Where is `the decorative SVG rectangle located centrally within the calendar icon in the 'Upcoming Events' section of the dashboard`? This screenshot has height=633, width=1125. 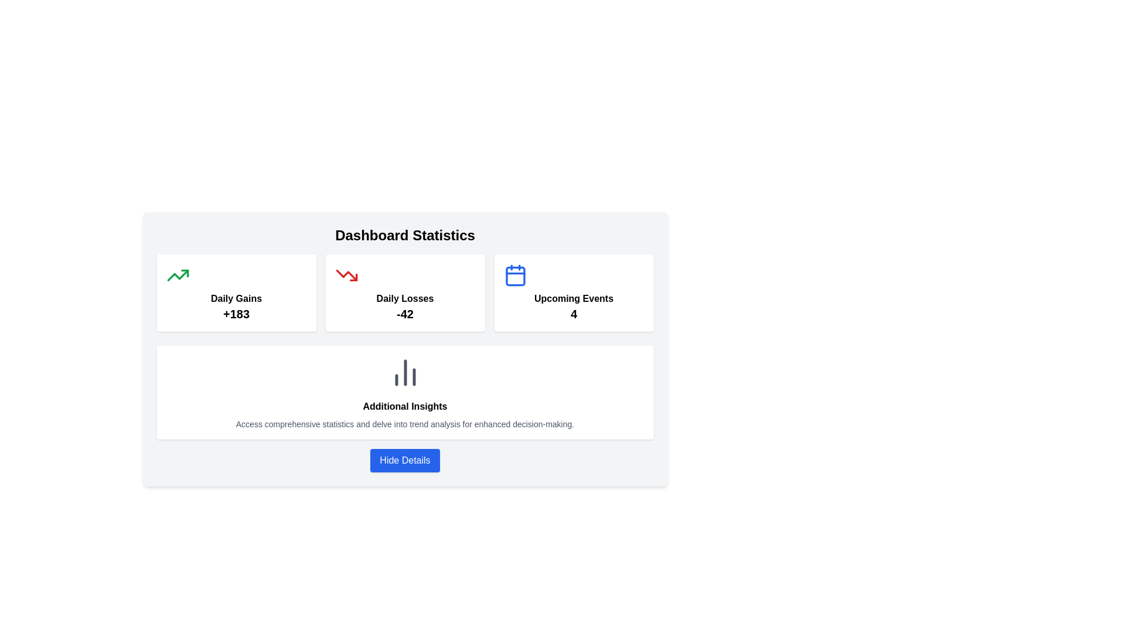
the decorative SVG rectangle located centrally within the calendar icon in the 'Upcoming Events' section of the dashboard is located at coordinates (515, 276).